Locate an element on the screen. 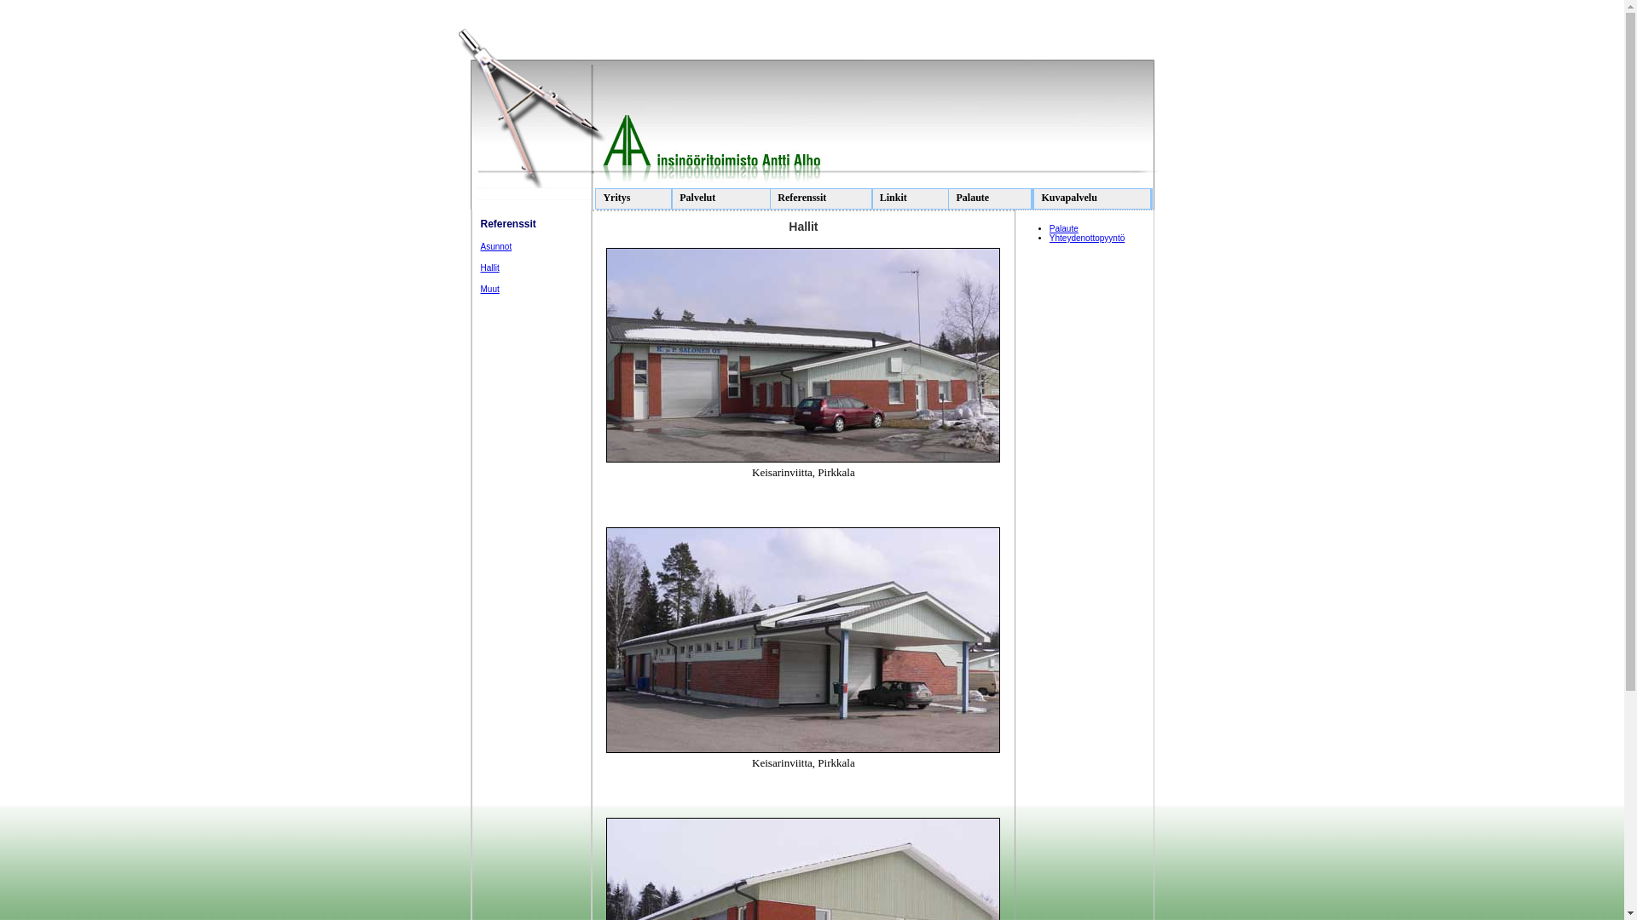 This screenshot has width=1637, height=920. 'Kuvapalvelu' is located at coordinates (1092, 198).